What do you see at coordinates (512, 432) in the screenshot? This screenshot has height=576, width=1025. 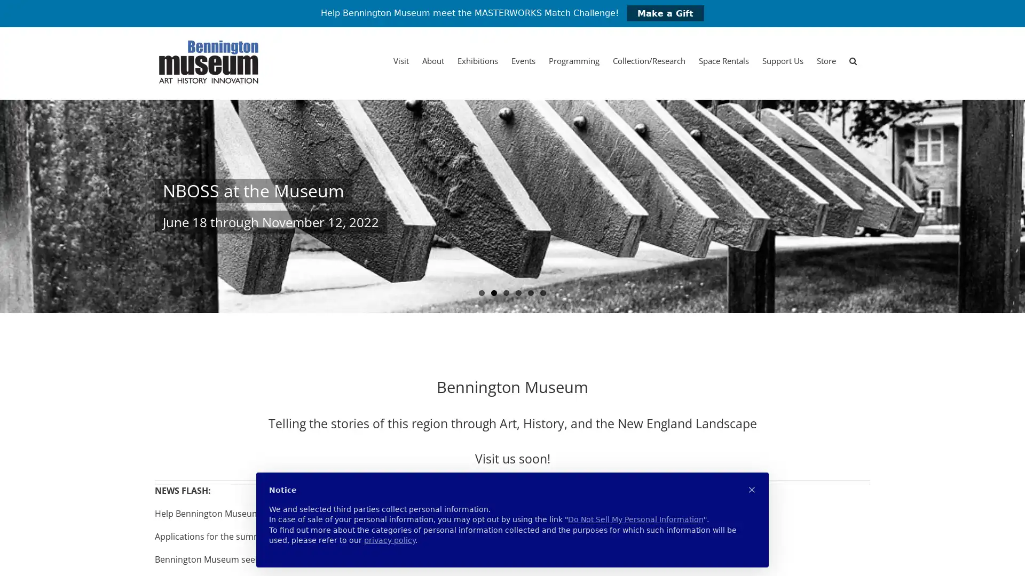 I see `Sign Up!` at bounding box center [512, 432].